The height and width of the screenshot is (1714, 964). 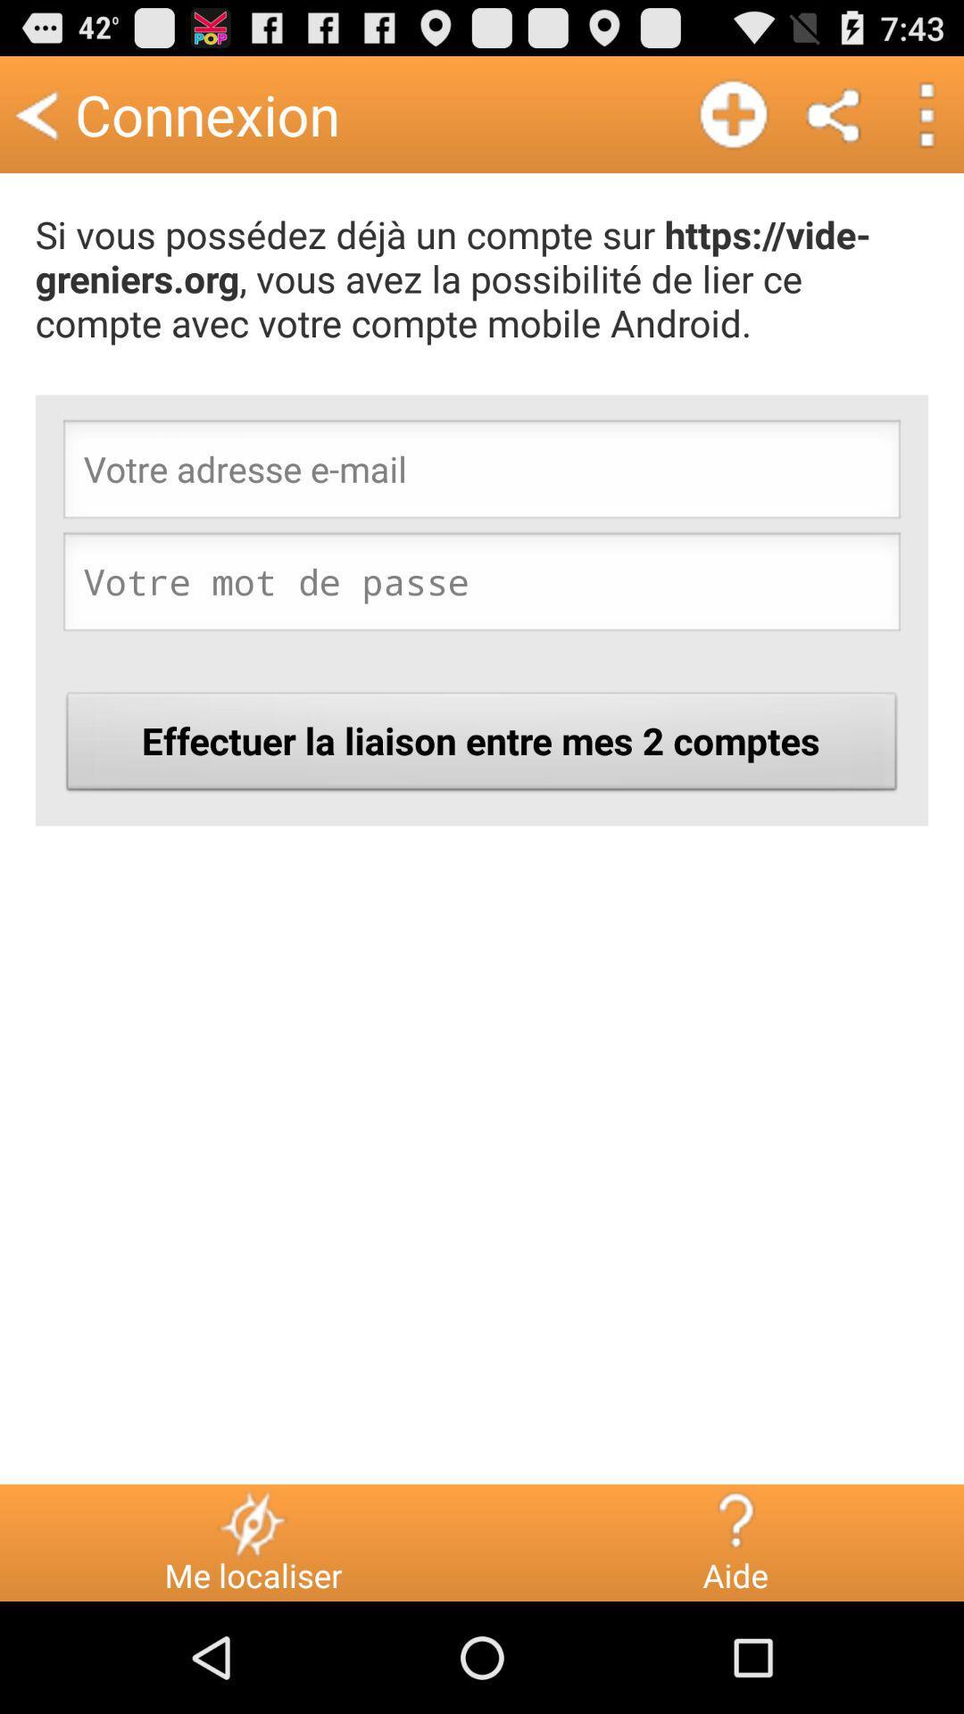 What do you see at coordinates (482, 746) in the screenshot?
I see `effectuer la liaison item` at bounding box center [482, 746].